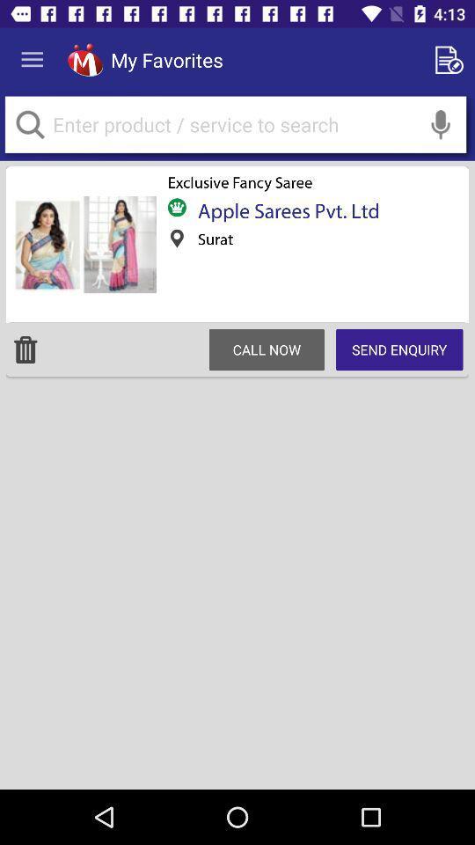  I want to click on the item next to exclusive fancy saree item, so click(83, 244).